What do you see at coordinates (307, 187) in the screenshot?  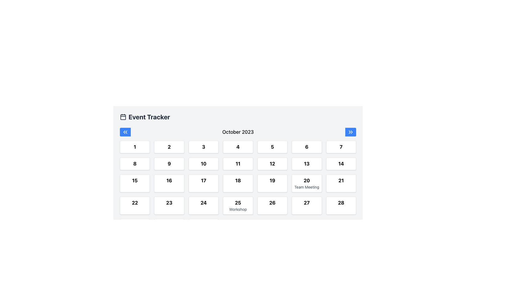 I see `text content of the 'Team Meeting' label, which is a small gray text located below the number '20' in the calendar interface` at bounding box center [307, 187].